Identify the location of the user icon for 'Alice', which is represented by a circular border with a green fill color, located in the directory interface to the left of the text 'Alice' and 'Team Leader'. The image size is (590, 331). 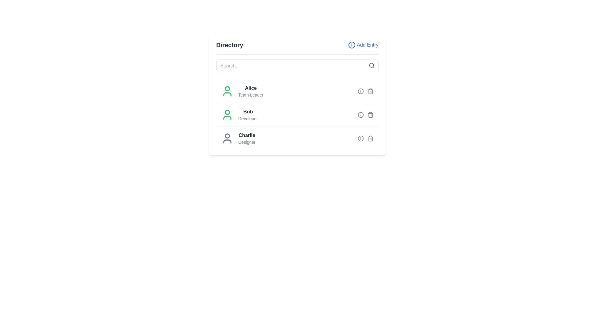
(227, 91).